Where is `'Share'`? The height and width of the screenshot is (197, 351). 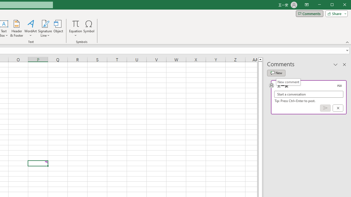
'Share' is located at coordinates (335, 13).